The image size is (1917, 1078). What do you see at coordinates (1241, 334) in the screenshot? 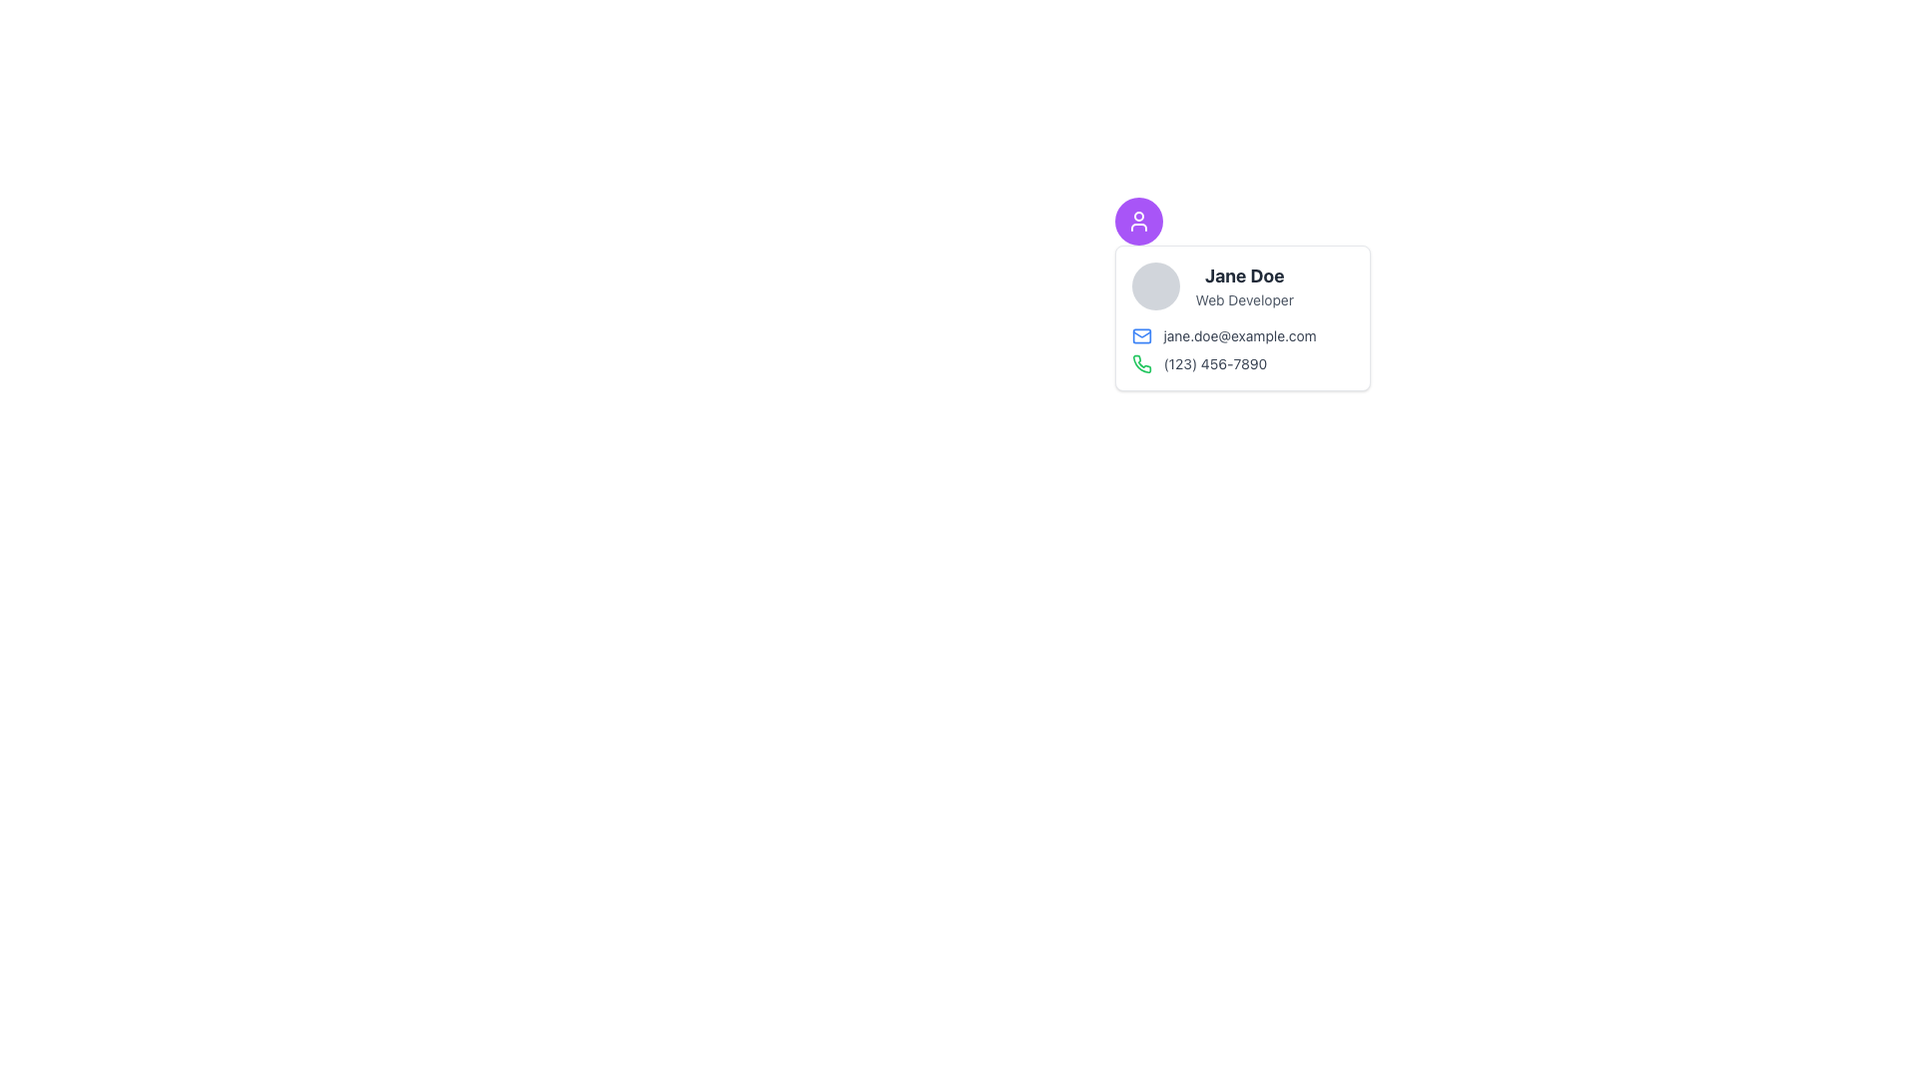
I see `the Contact Information Display element to copy the email information located below the name and job title within the card` at bounding box center [1241, 334].